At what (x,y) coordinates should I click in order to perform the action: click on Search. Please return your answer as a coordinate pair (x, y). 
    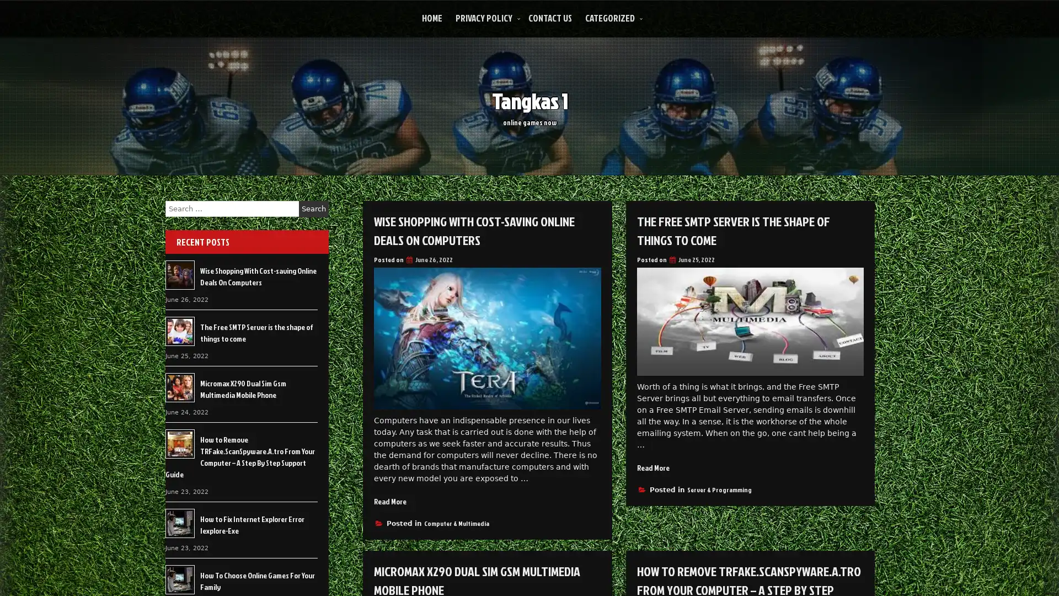
    Looking at the image, I should click on (313, 209).